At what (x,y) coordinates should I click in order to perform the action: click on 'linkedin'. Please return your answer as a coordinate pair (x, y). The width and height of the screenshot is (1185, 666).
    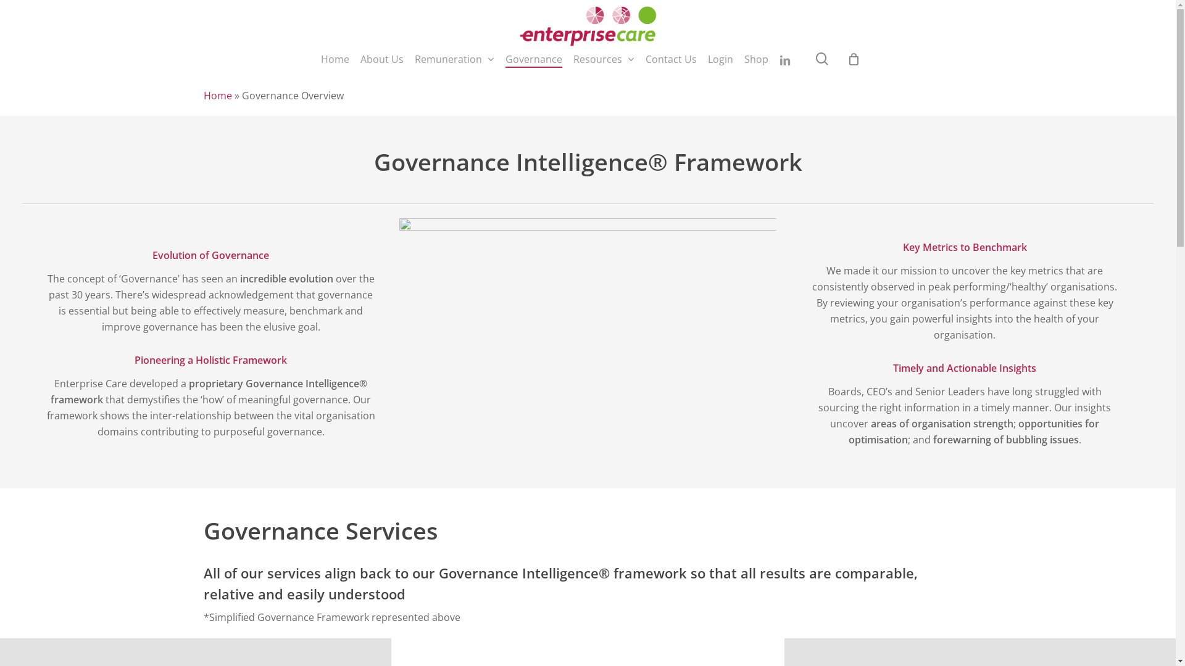
    Looking at the image, I should click on (784, 59).